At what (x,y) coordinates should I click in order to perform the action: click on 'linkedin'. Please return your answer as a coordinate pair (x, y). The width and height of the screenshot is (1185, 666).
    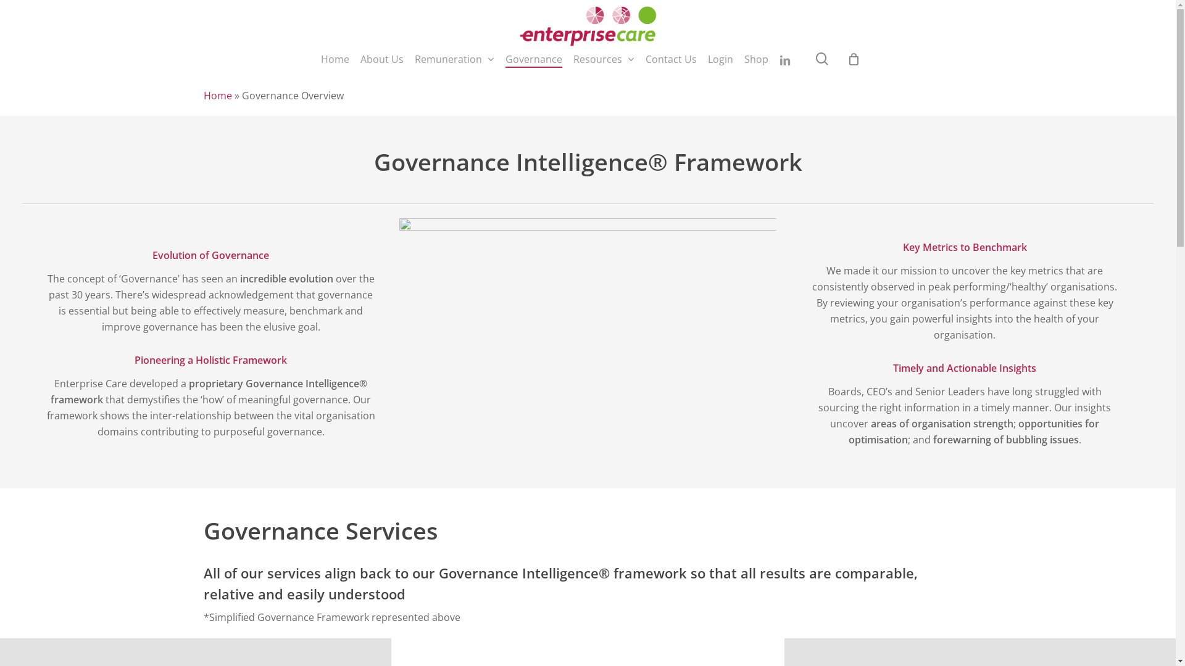
    Looking at the image, I should click on (784, 59).